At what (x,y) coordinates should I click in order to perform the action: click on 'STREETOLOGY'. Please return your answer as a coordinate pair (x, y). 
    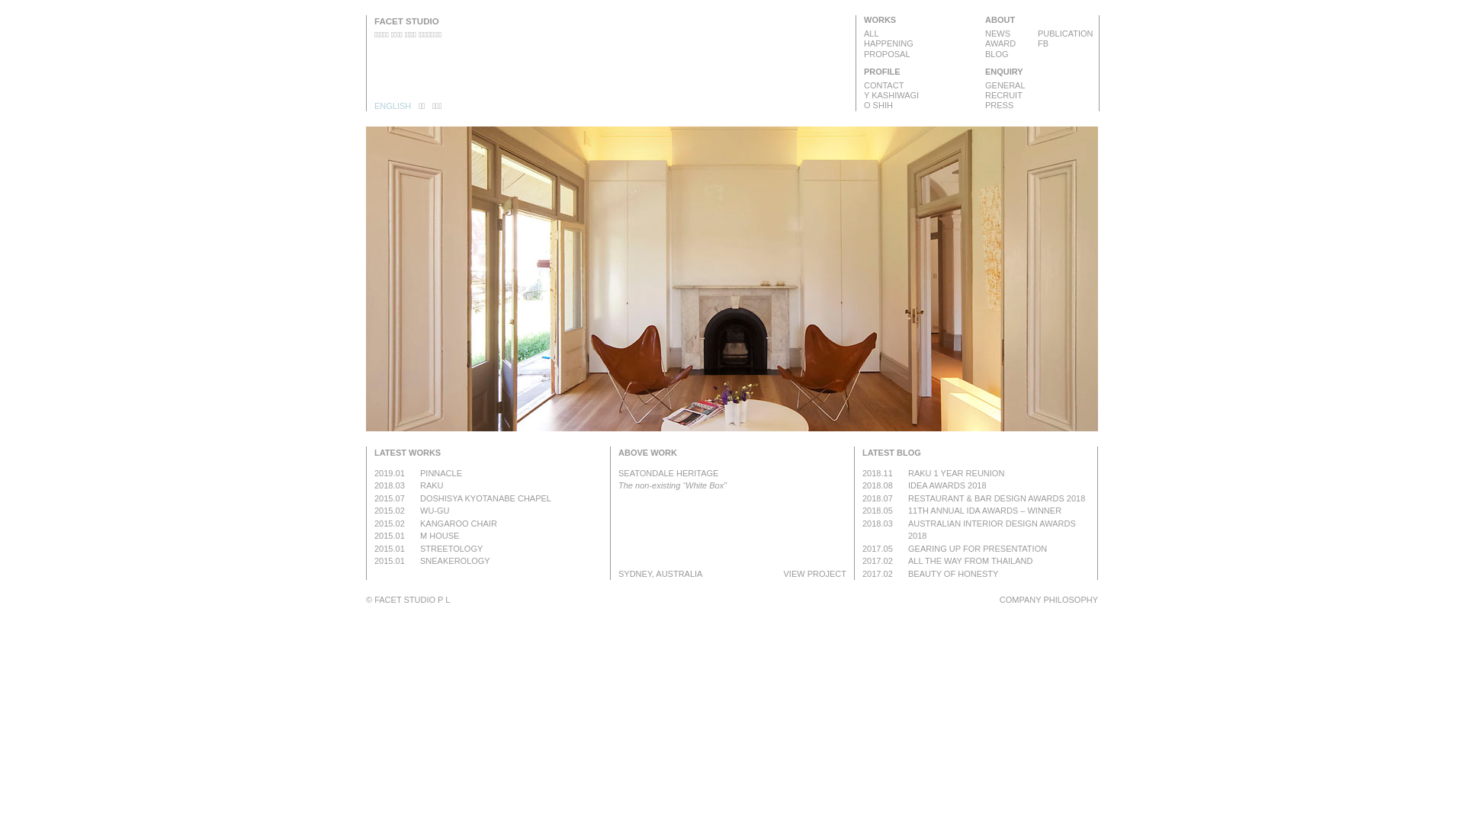
    Looking at the image, I should click on (420, 549).